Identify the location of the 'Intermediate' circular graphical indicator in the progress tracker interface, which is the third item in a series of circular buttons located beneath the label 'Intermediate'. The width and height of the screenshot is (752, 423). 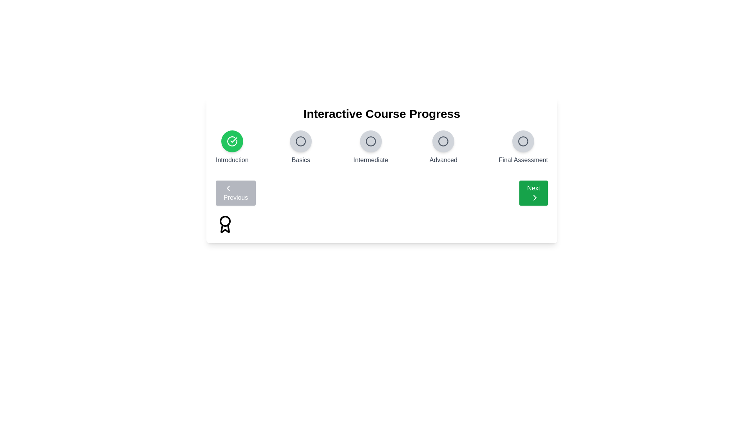
(370, 141).